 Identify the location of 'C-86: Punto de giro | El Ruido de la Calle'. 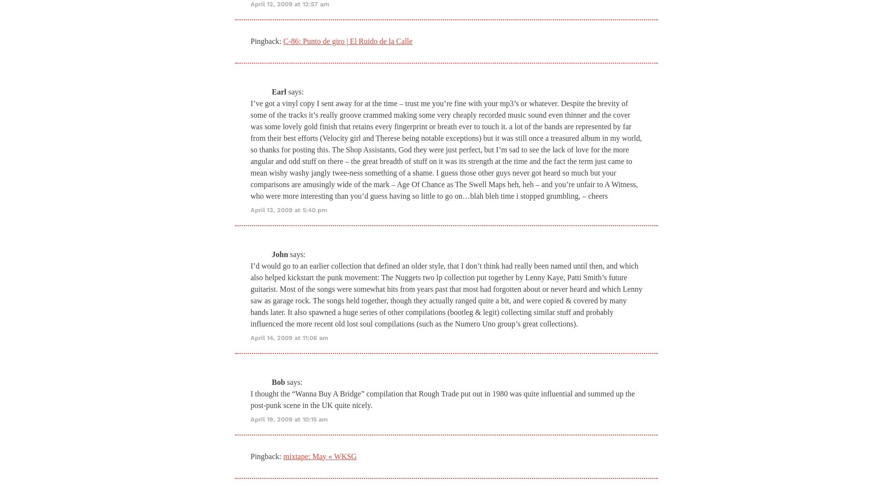
(283, 40).